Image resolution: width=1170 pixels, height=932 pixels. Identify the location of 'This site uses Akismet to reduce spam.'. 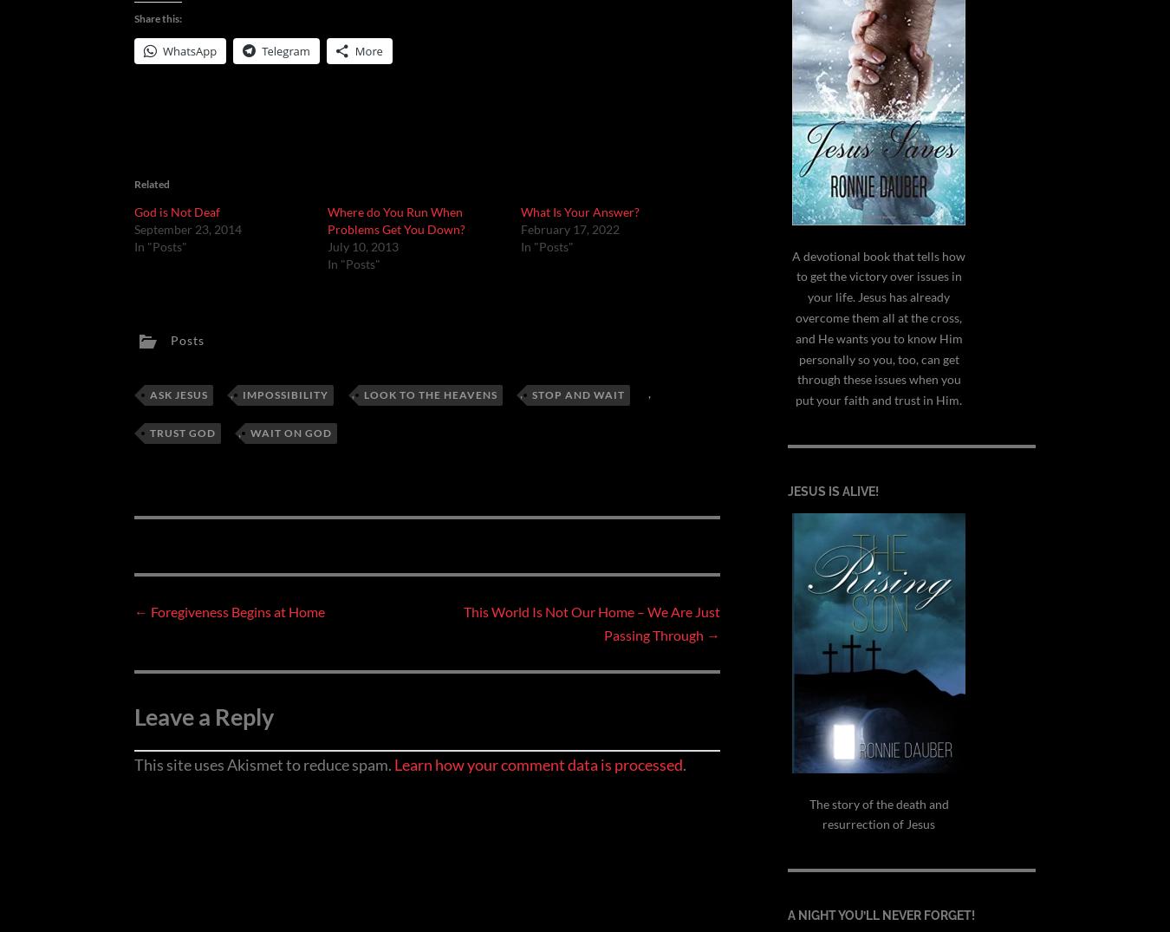
(263, 909).